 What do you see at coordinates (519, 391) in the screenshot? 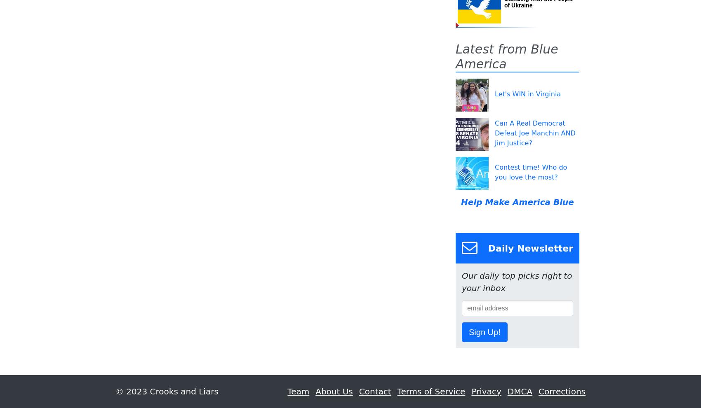
I see `'DMCA'` at bounding box center [519, 391].